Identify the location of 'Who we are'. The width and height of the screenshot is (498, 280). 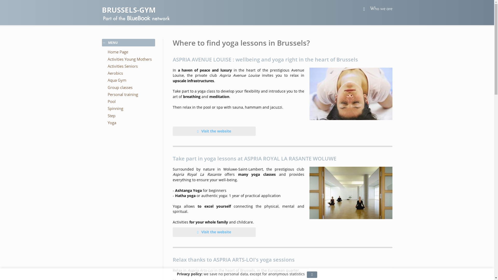
(381, 9).